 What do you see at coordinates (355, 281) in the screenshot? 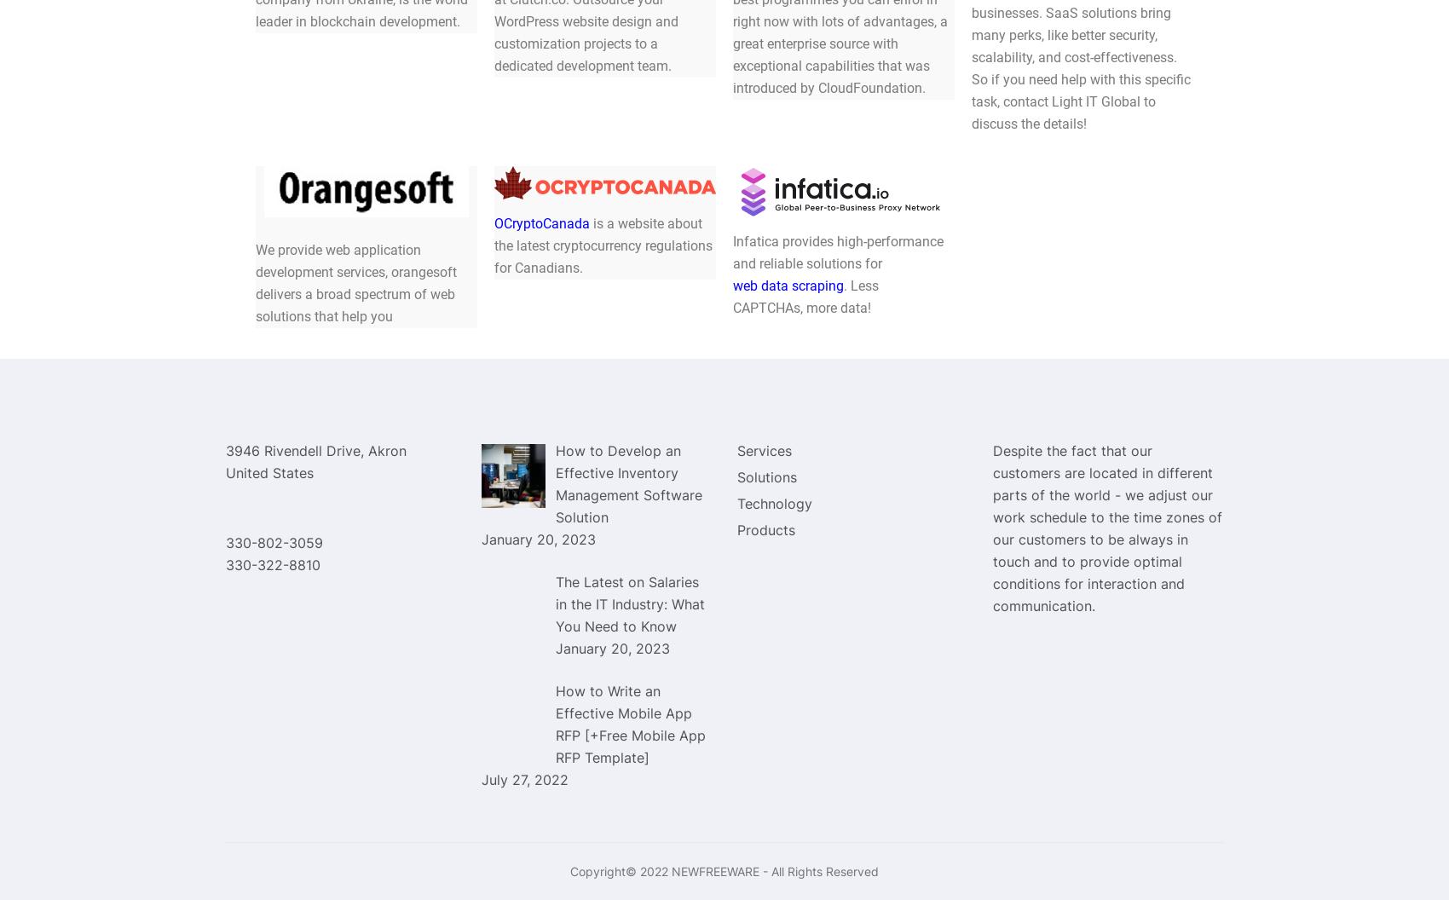
I see `'We provide web application development services, orangesoft delivers a broad spectrum of web solutions that help you'` at bounding box center [355, 281].